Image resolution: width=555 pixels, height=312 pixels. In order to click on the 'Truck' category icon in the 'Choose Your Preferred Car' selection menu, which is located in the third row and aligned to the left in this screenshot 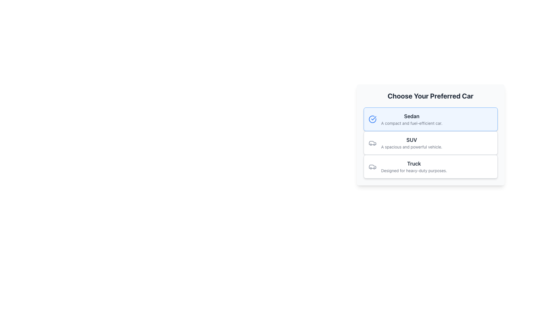, I will do `click(372, 167)`.